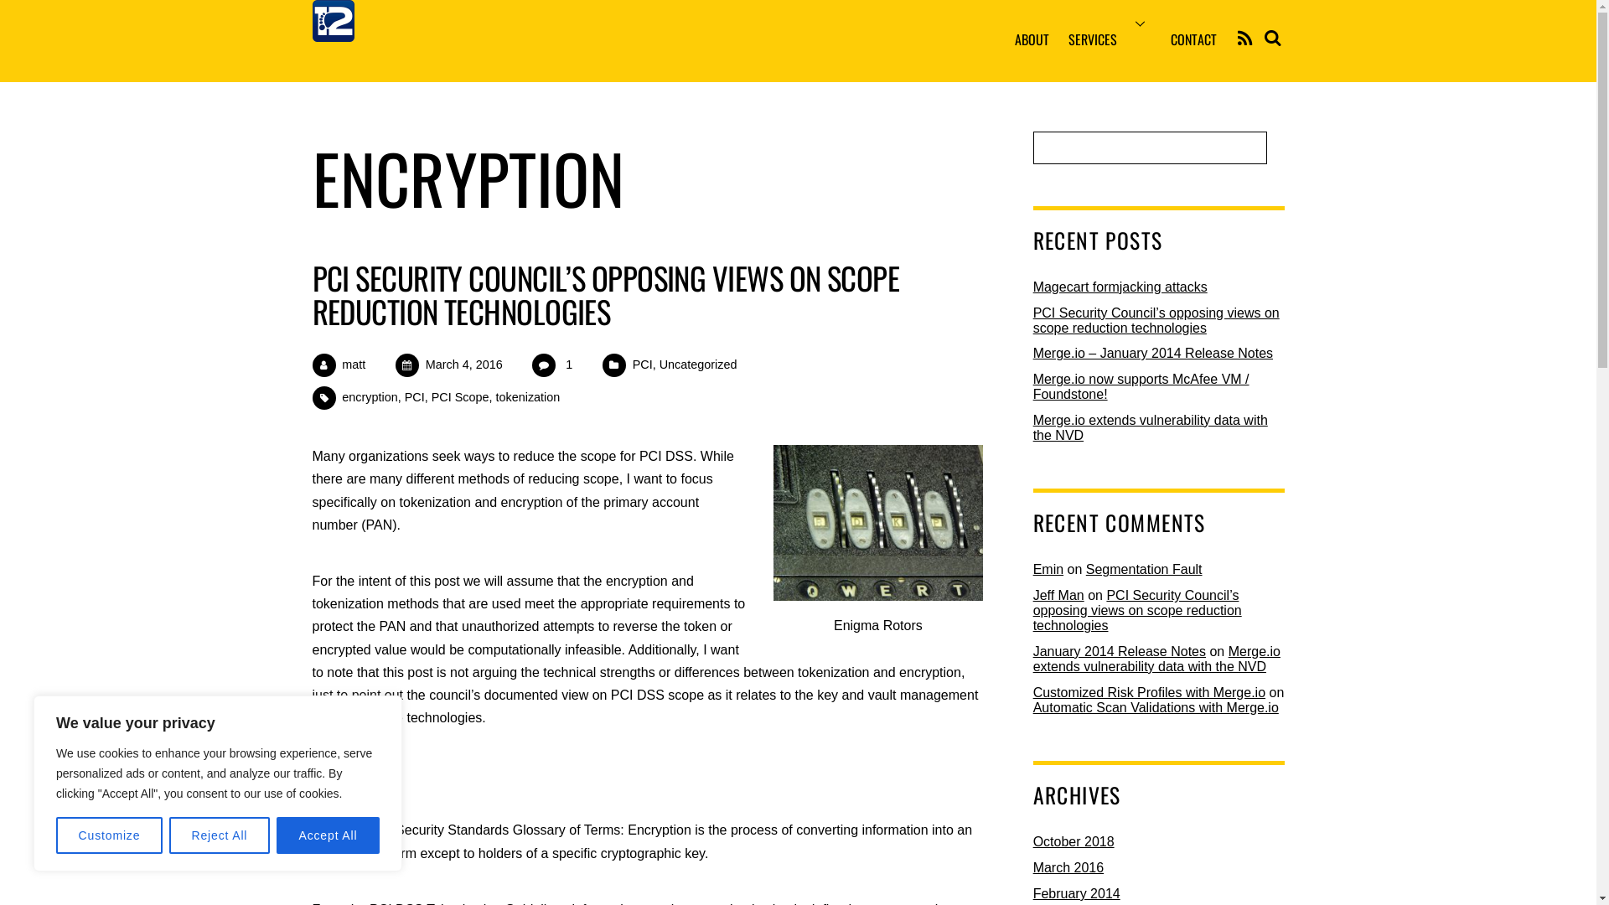 The height and width of the screenshot is (905, 1609). Describe the element at coordinates (460, 397) in the screenshot. I see `'PCI Scope'` at that location.